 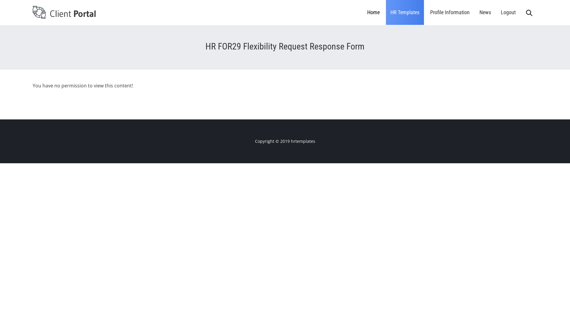 What do you see at coordinates (404, 12) in the screenshot?
I see `'HR Templates'` at bounding box center [404, 12].